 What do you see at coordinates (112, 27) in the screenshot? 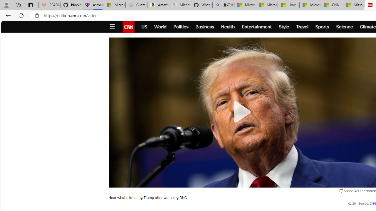
I see `'Open Menu Icon'` at bounding box center [112, 27].